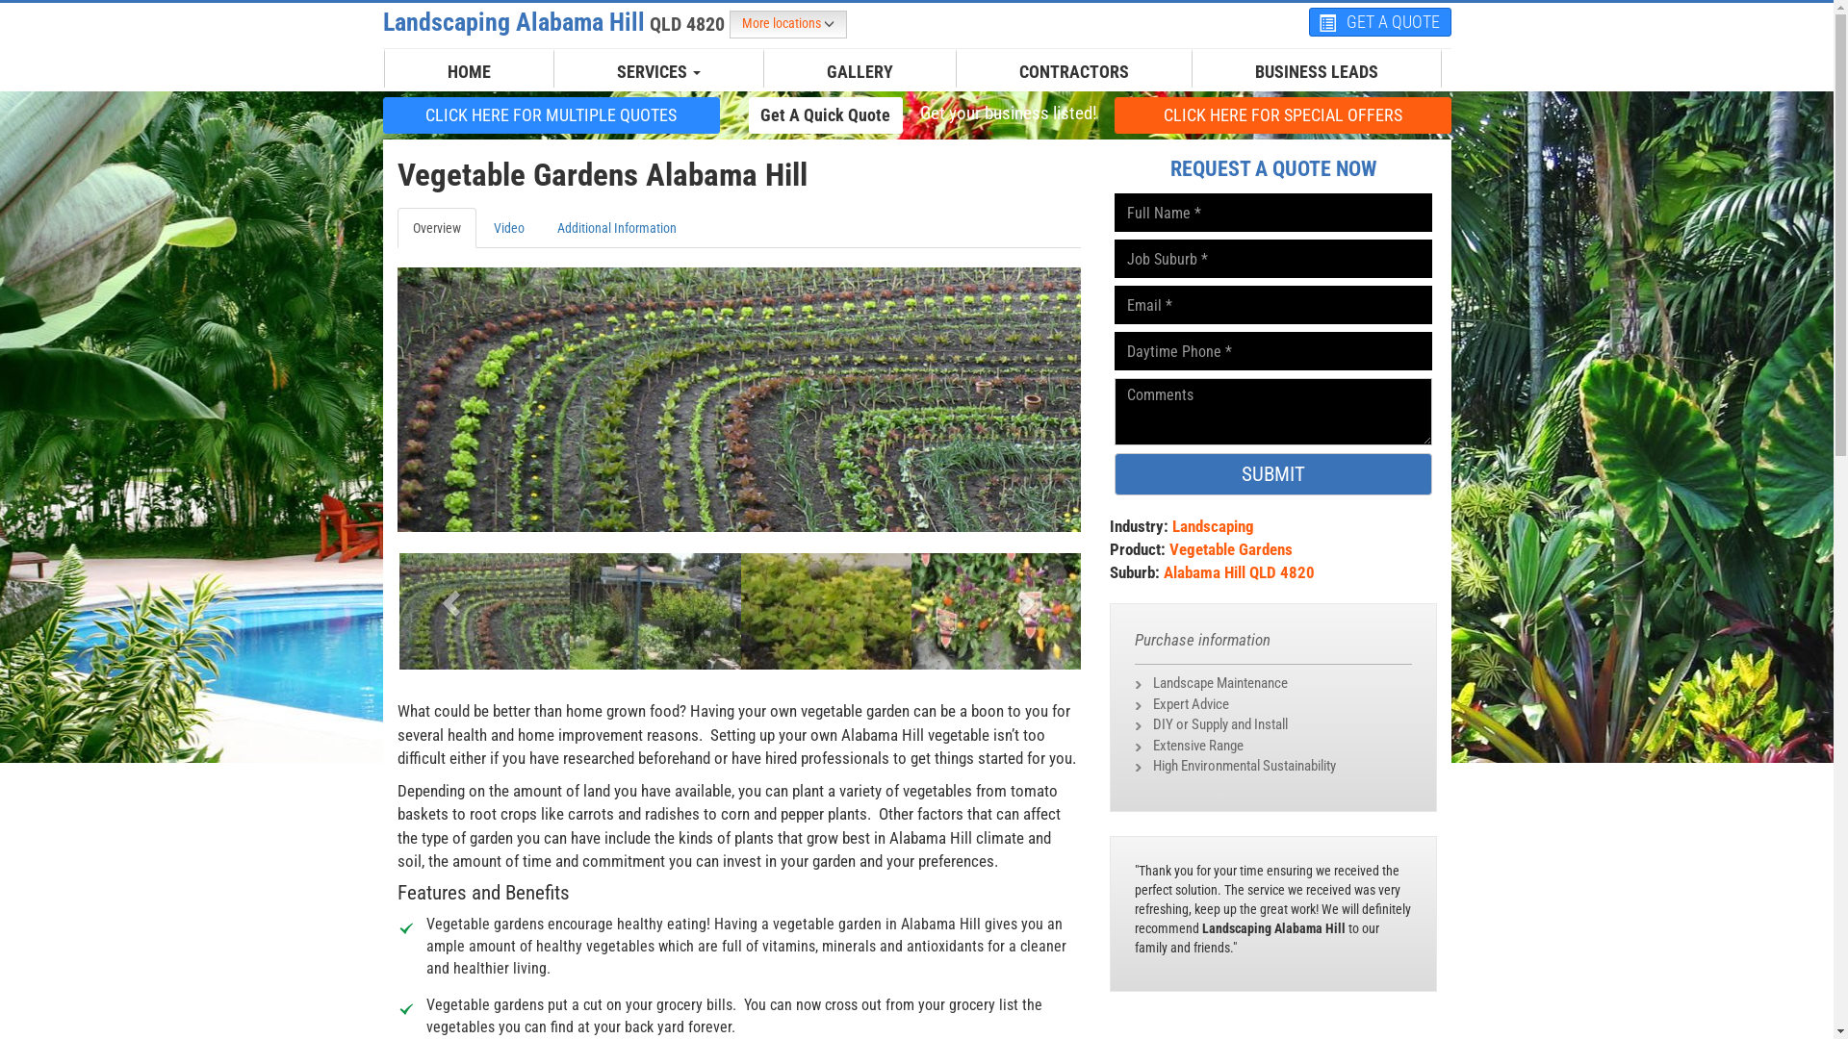 The width and height of the screenshot is (1848, 1039). What do you see at coordinates (469, 70) in the screenshot?
I see `'HOME'` at bounding box center [469, 70].